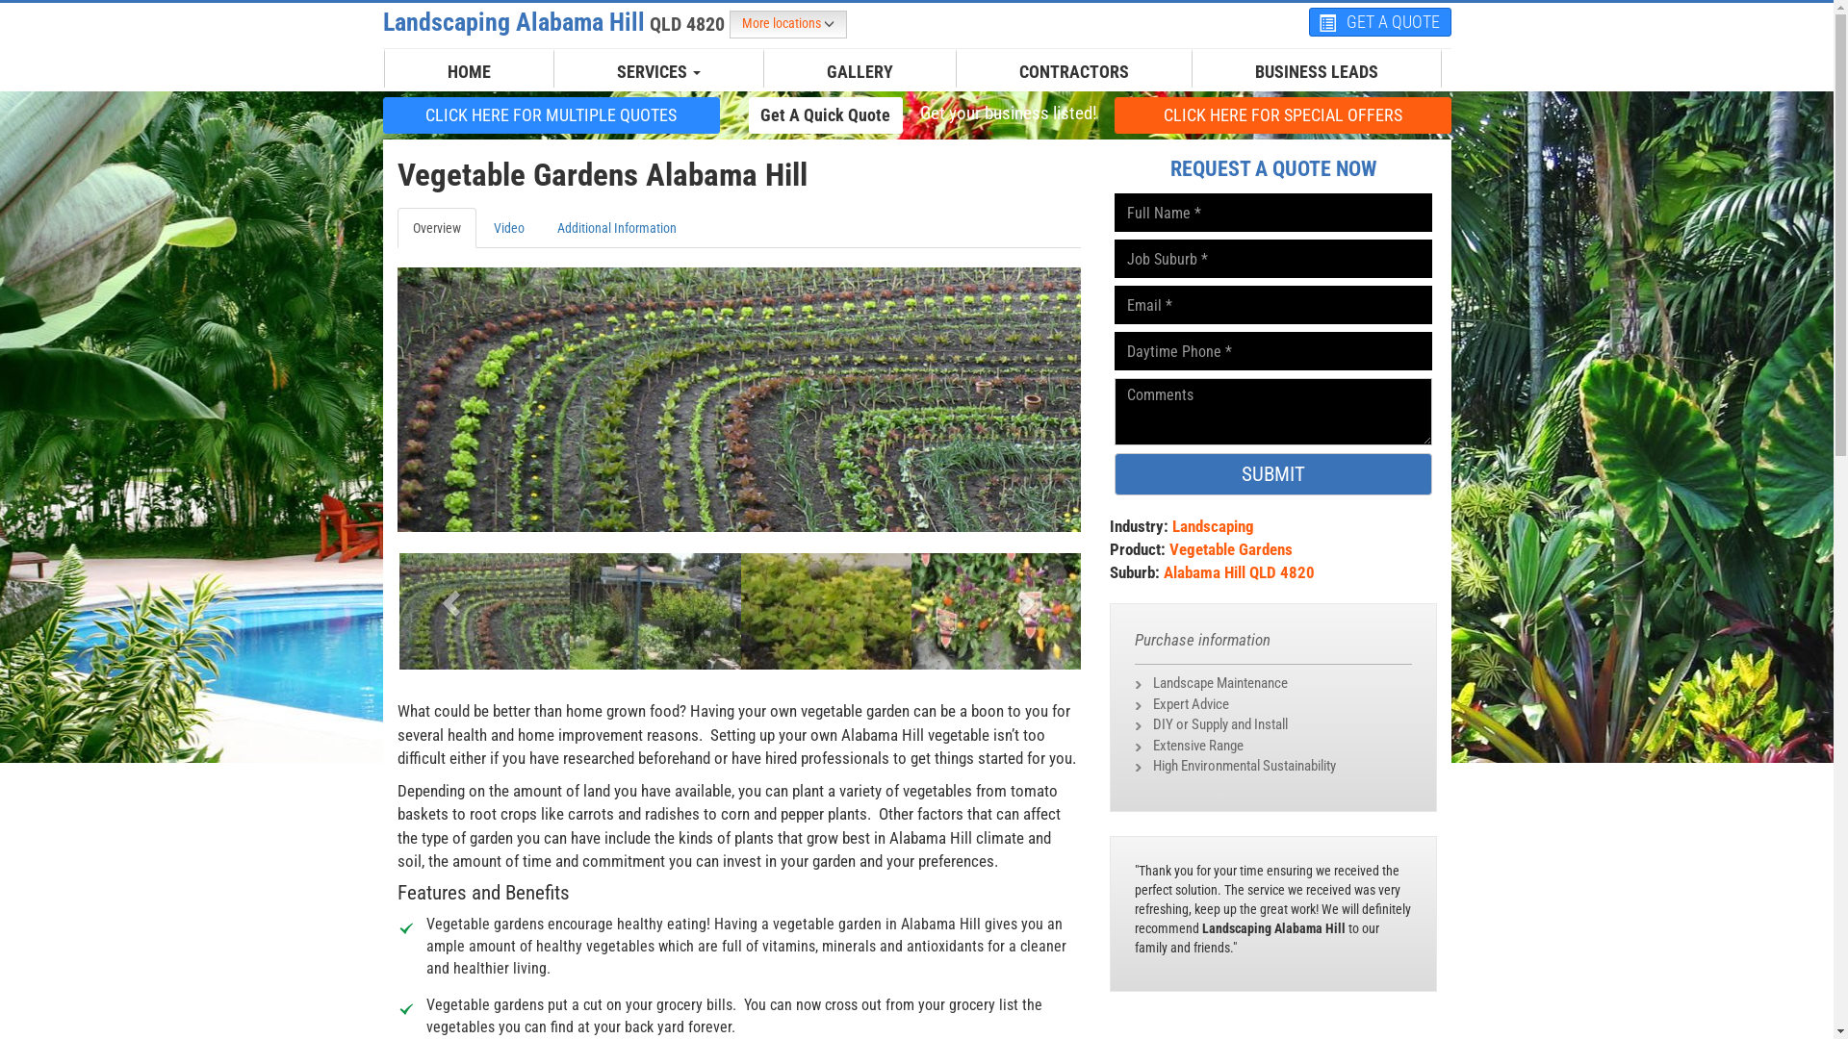 The width and height of the screenshot is (1848, 1039). What do you see at coordinates (469, 70) in the screenshot?
I see `'HOME'` at bounding box center [469, 70].